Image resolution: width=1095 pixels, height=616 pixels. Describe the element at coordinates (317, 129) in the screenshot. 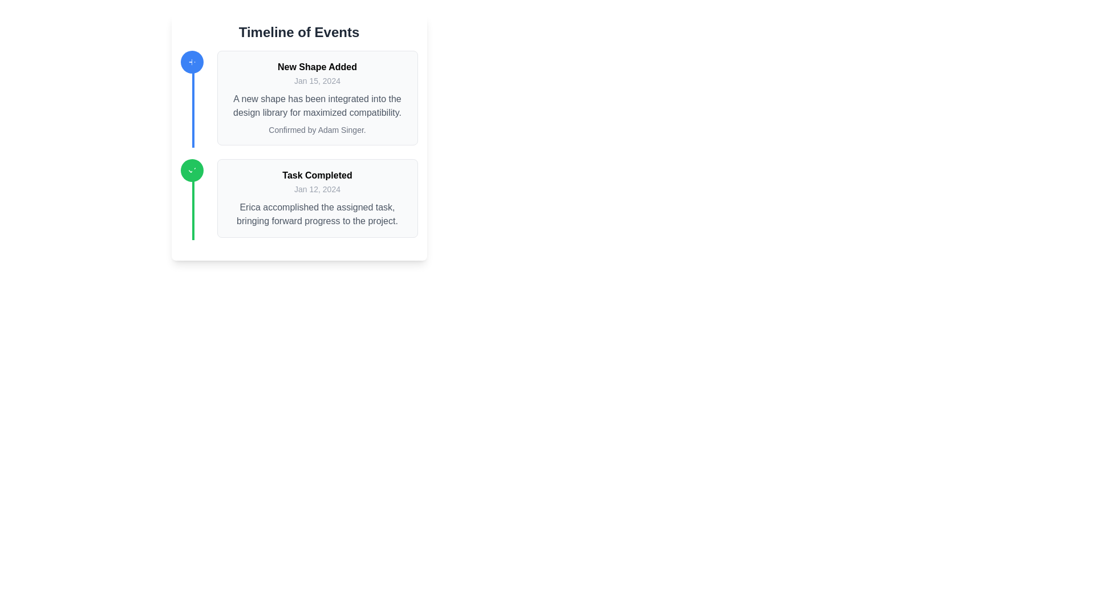

I see `text block displaying the message 'Confirmed by Adam Singer.' located at the bottom of the card titled 'New Shape Added' in a timeline interface` at that location.